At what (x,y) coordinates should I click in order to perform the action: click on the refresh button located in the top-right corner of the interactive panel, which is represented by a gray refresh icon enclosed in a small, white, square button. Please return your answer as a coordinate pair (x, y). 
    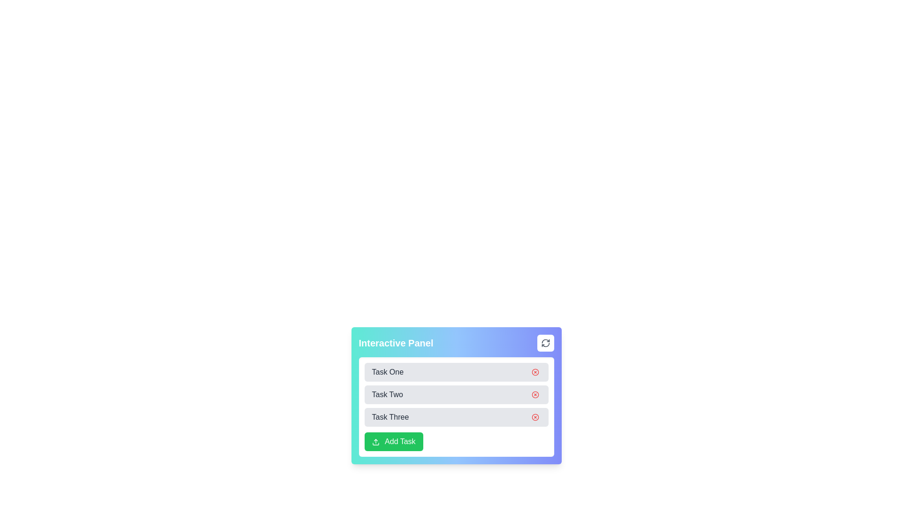
    Looking at the image, I should click on (545, 343).